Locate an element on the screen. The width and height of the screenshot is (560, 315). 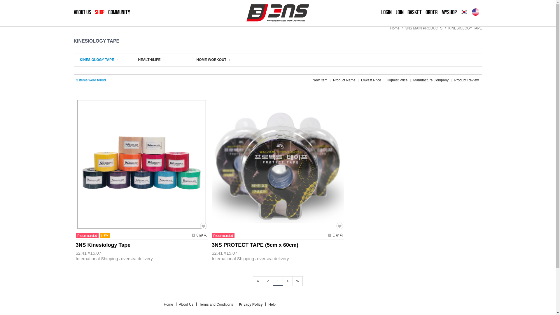
'COMMUNITY' is located at coordinates (119, 12).